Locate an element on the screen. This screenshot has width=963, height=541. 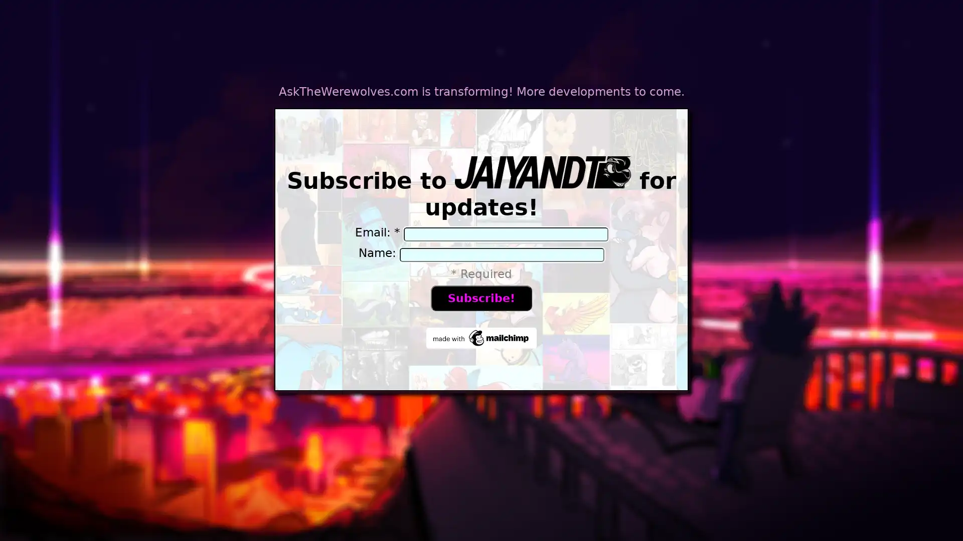
Subscribe! is located at coordinates (480, 297).